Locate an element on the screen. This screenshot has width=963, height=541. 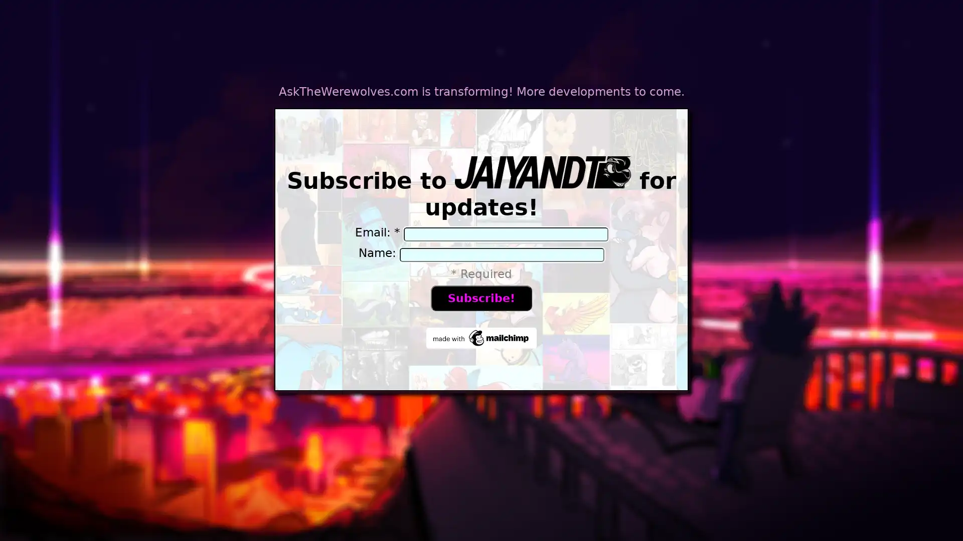
Subscribe! is located at coordinates (480, 297).